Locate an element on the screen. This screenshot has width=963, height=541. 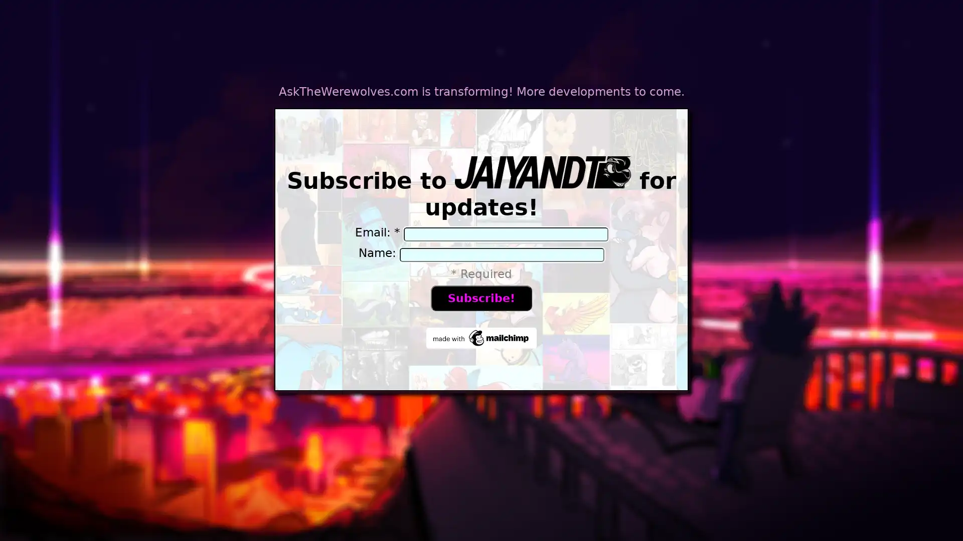
Subscribe! is located at coordinates (480, 297).